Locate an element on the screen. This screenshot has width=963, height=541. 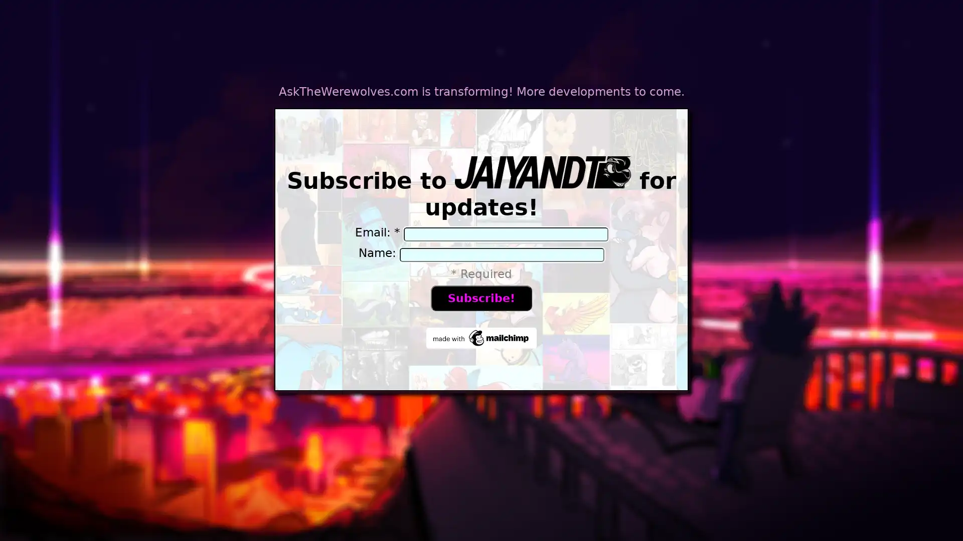
Subscribe! is located at coordinates (480, 297).